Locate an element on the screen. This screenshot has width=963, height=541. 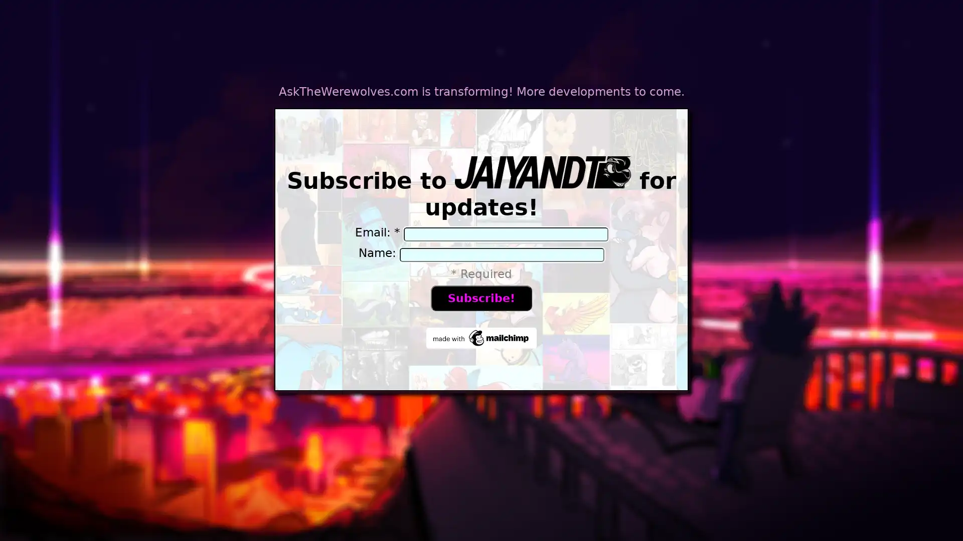
Subscribe! is located at coordinates (480, 297).